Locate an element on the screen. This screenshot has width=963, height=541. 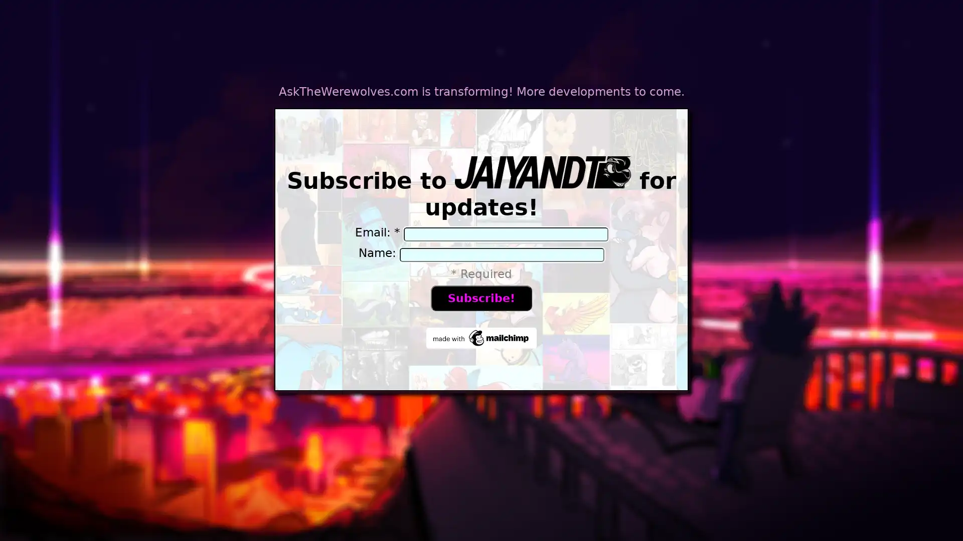
Subscribe! is located at coordinates (480, 297).